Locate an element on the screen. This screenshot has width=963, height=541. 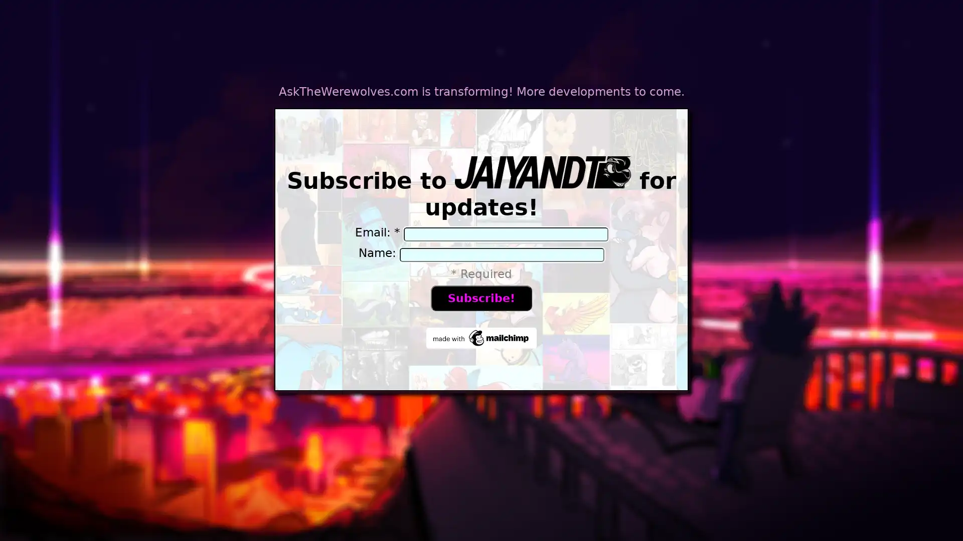
Subscribe! is located at coordinates (480, 297).